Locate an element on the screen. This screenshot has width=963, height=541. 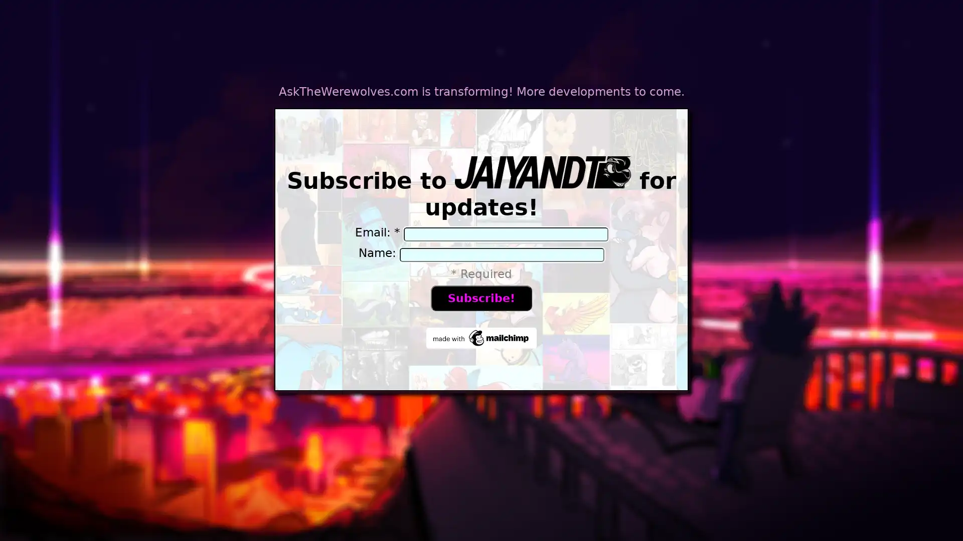
Subscribe! is located at coordinates (480, 297).